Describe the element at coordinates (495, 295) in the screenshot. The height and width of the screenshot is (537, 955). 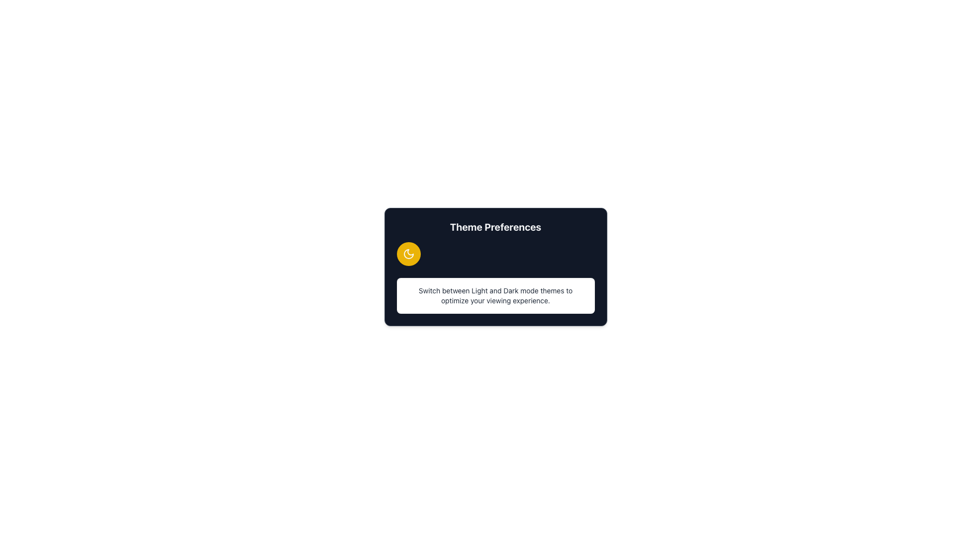
I see `static text displaying the message: 'Switch between Light and Dark mode themes to optimize your viewing experience.'` at that location.